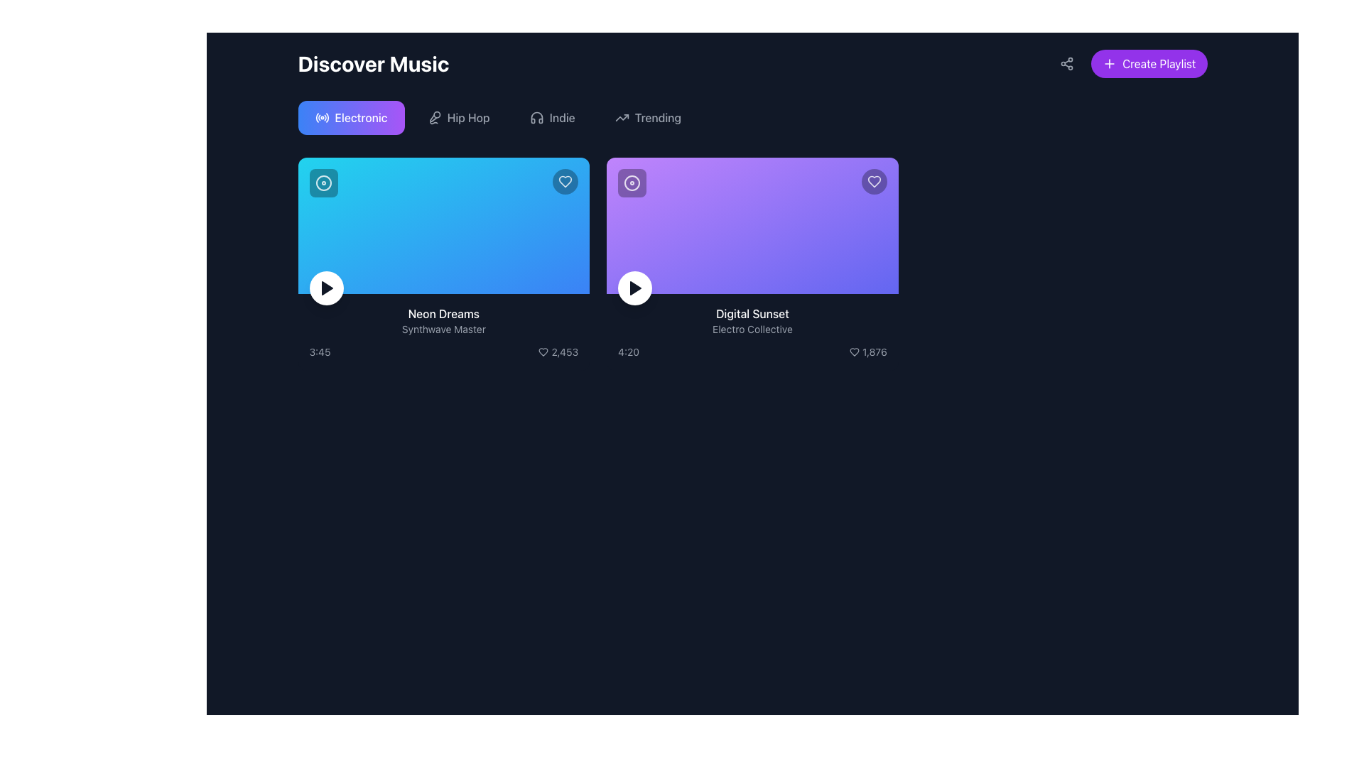 The height and width of the screenshot is (767, 1364). I want to click on the 'Hip Hop' category selector text label in the top-centered navigation bar to observe visual feedback, so click(468, 116).